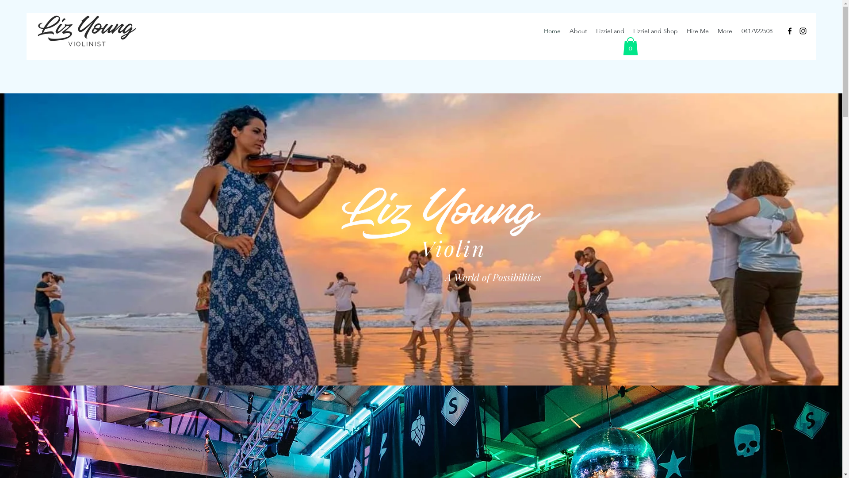 The width and height of the screenshot is (849, 478). Describe the element at coordinates (655, 30) in the screenshot. I see `'LizzieLand Shop'` at that location.